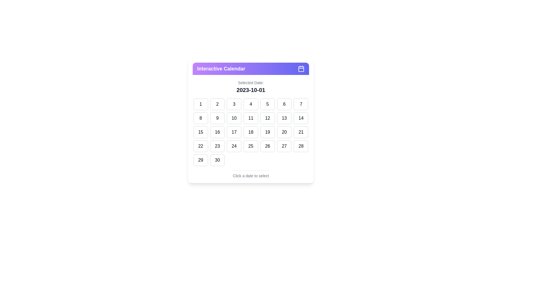 This screenshot has height=302, width=537. What do you see at coordinates (234, 104) in the screenshot?
I see `the button representing the third day of the displayed calendar month` at bounding box center [234, 104].